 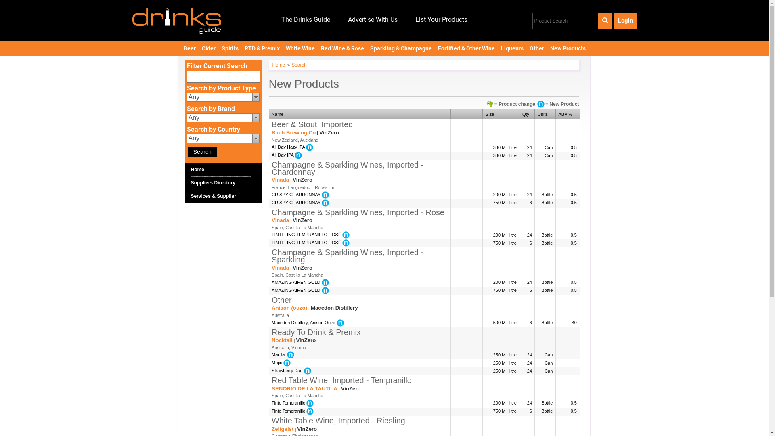 I want to click on 'Advertise With Us', so click(x=372, y=20).